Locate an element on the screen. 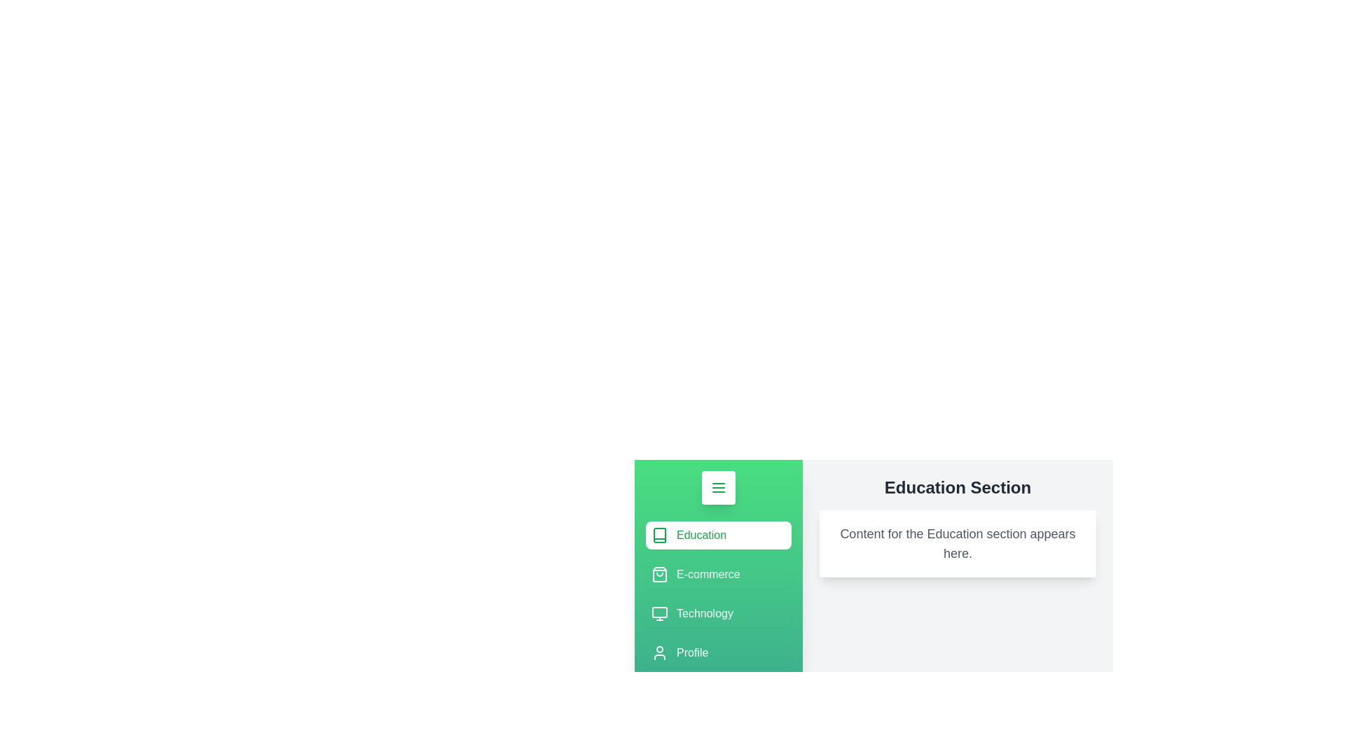 The image size is (1345, 756). the section Education in the drawer is located at coordinates (719, 535).